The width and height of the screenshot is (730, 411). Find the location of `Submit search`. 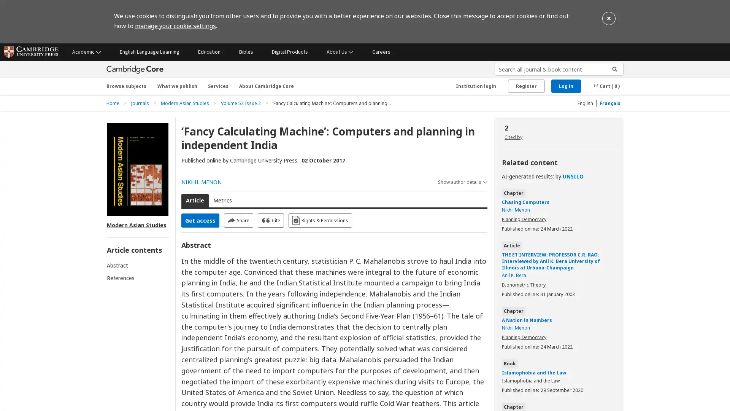

Submit search is located at coordinates (612, 69).